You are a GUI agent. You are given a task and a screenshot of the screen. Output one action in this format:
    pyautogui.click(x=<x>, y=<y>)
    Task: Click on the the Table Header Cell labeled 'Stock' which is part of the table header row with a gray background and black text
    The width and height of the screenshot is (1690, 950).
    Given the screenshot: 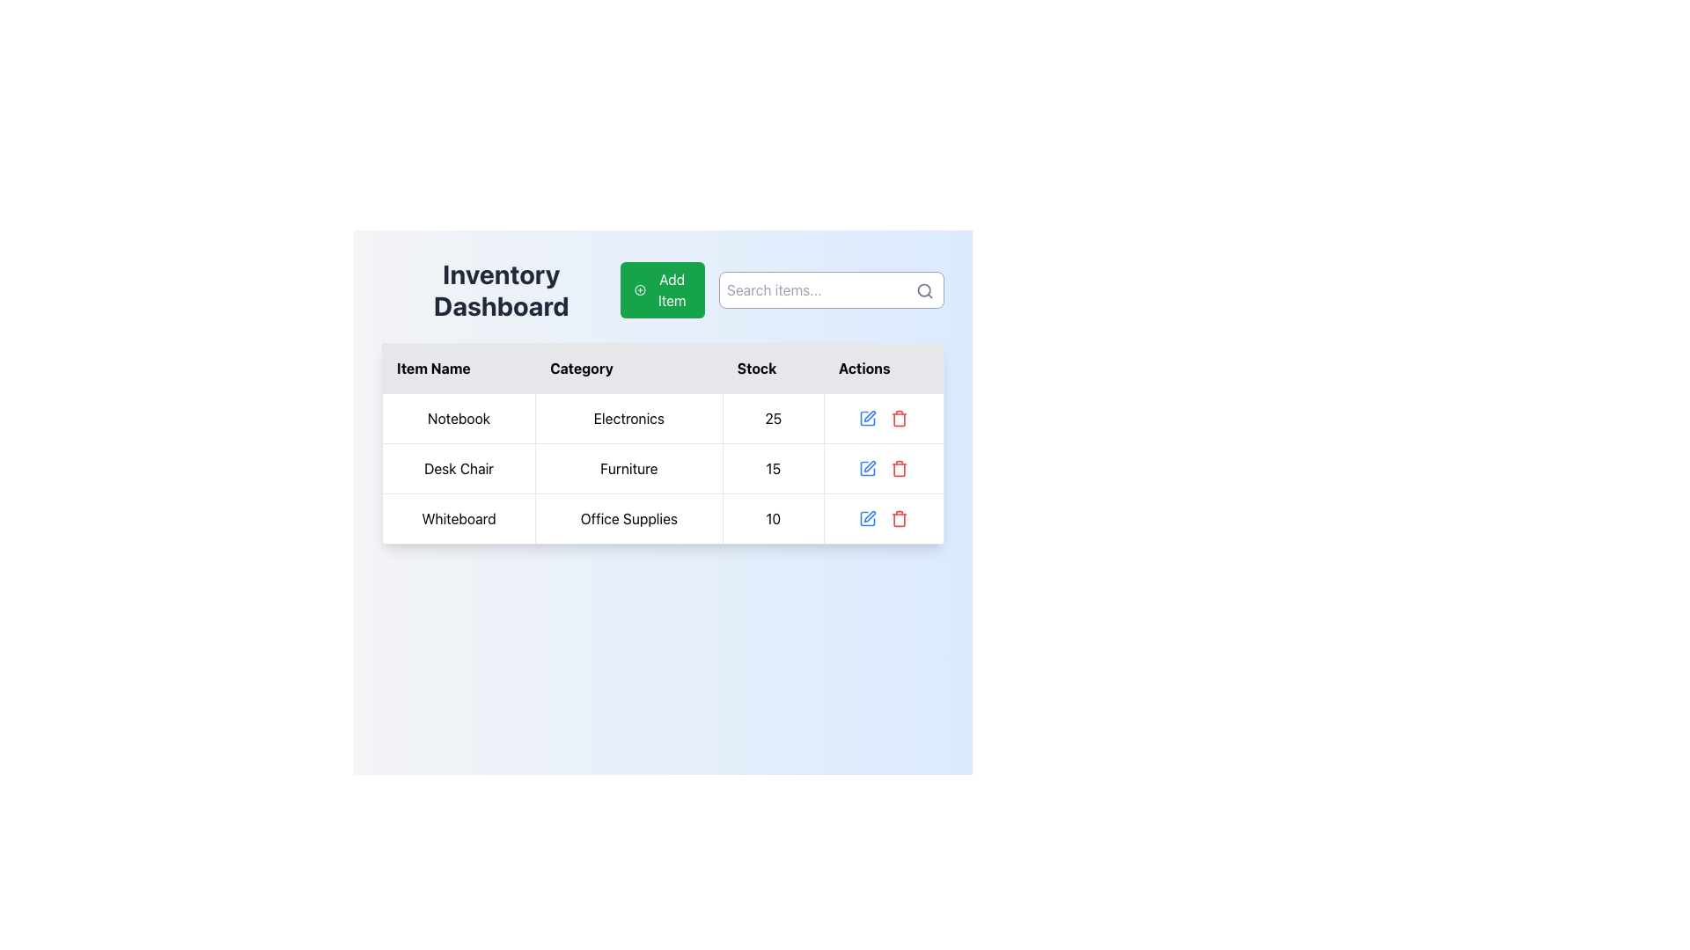 What is the action you would take?
    pyautogui.click(x=773, y=368)
    